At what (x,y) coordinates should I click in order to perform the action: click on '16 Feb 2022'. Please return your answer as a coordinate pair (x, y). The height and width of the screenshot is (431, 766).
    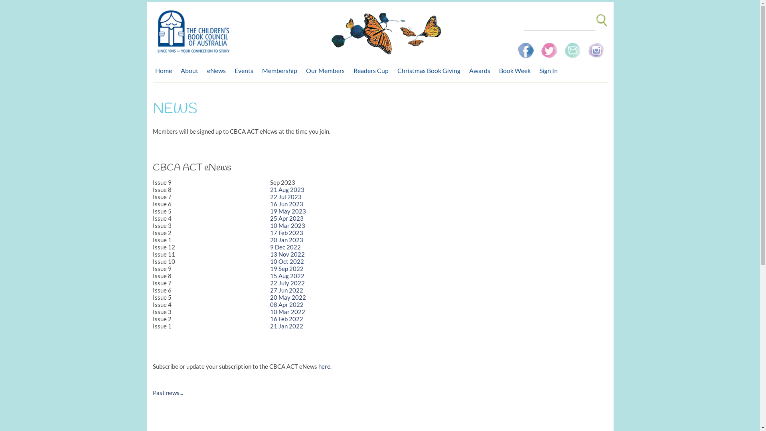
    Looking at the image, I should click on (270, 318).